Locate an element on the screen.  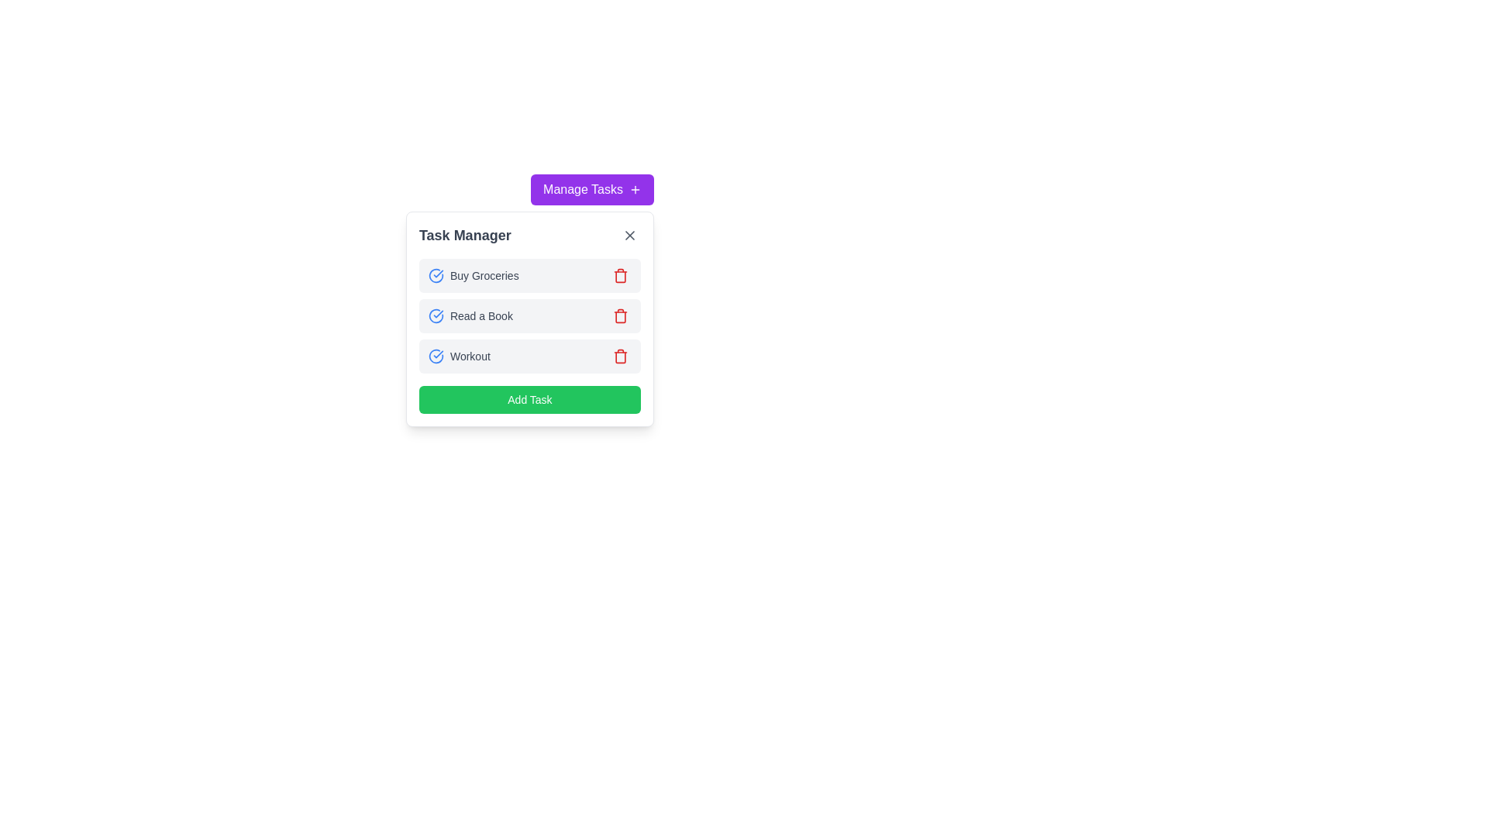
the 'Task Manager' modal dialog box, which has a white background, gray border, and rounded edges is located at coordinates (529, 319).